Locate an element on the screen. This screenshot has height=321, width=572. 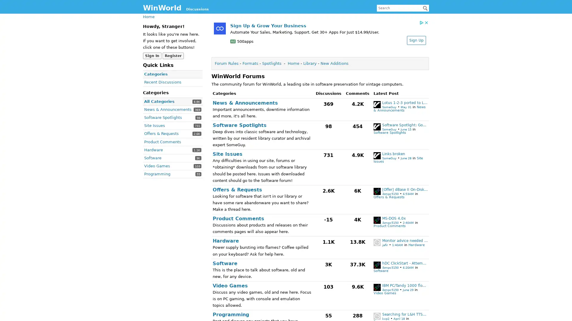
Search is located at coordinates (425, 8).